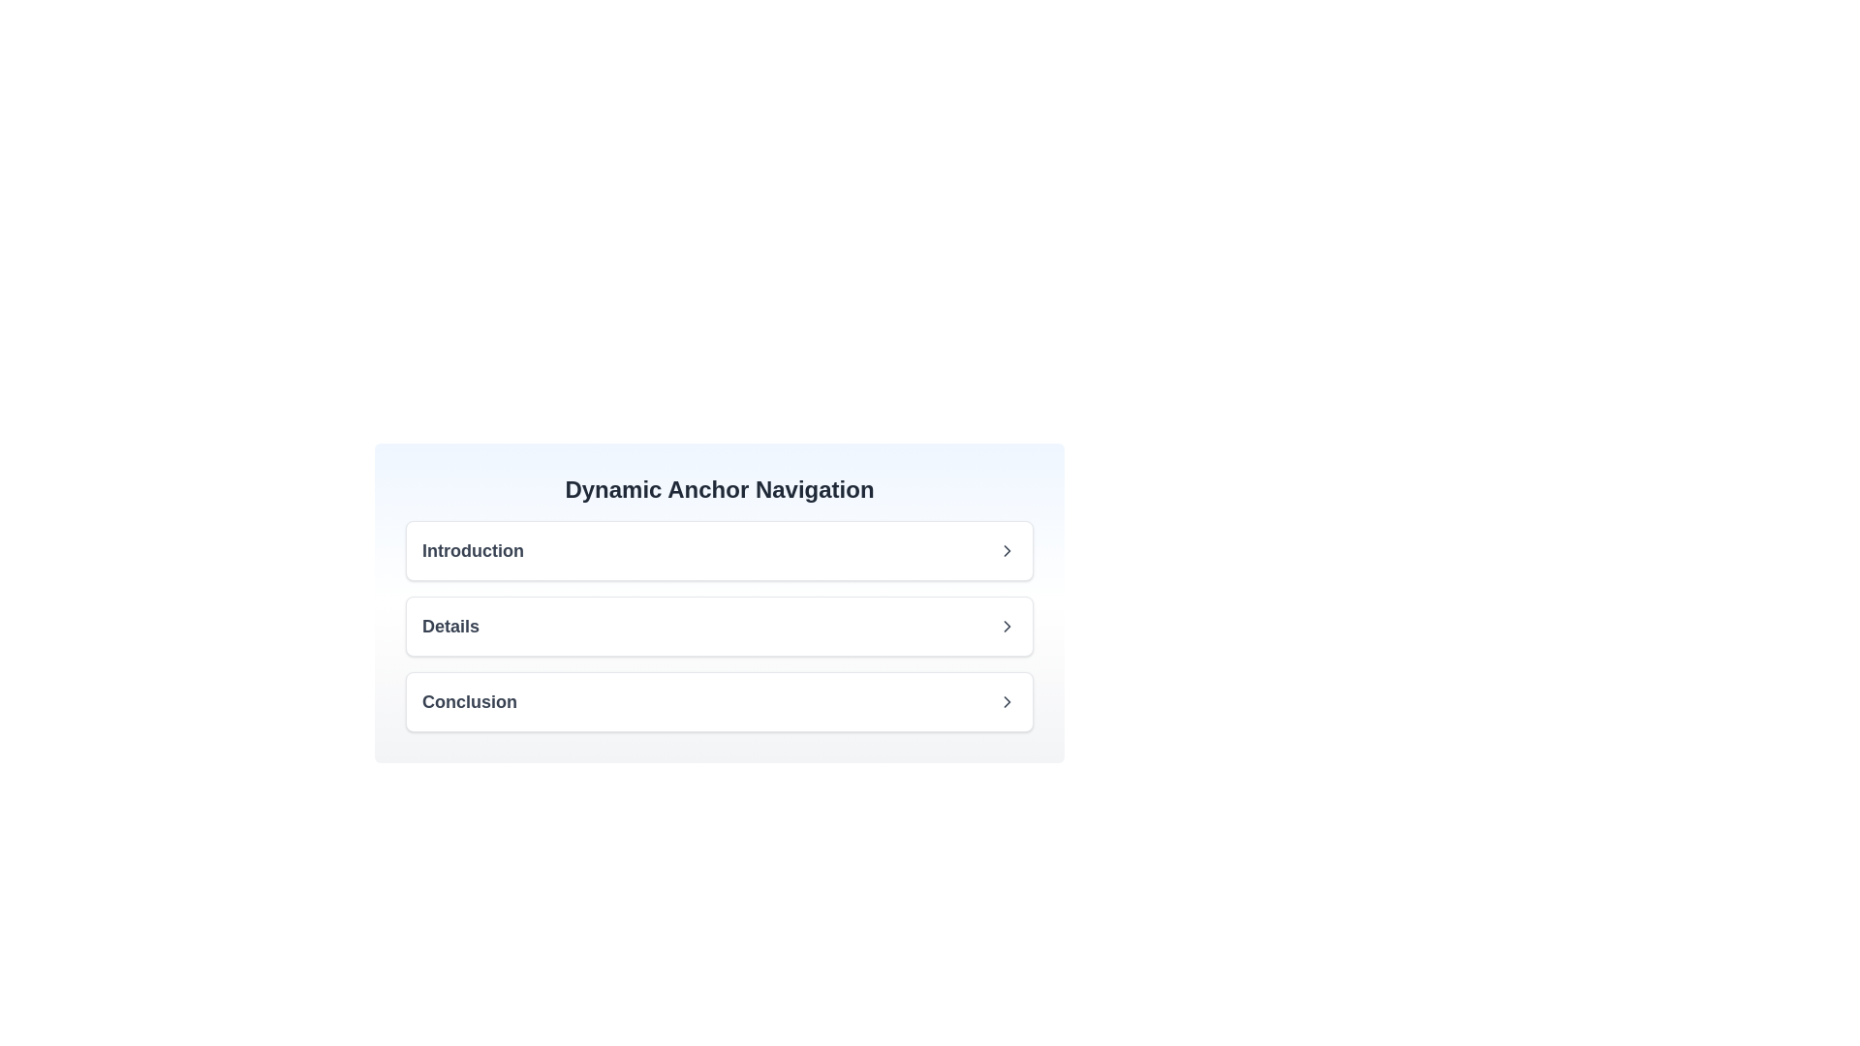  Describe the element at coordinates (1007, 627) in the screenshot. I see `the right-facing chevron icon located to the right of the 'Details' text in the vertical menu` at that location.